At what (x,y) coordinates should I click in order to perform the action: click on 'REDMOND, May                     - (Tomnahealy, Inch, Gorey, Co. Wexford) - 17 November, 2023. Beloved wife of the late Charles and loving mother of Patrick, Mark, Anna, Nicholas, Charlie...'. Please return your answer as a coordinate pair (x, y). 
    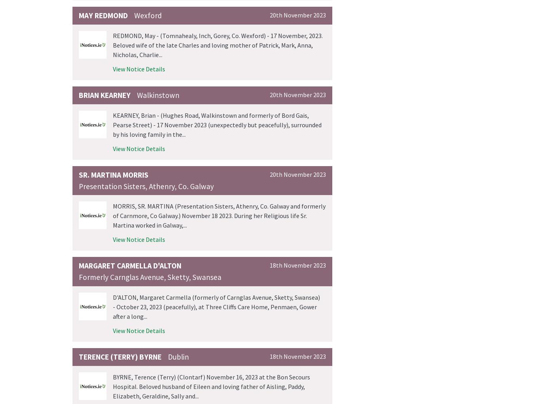
    Looking at the image, I should click on (217, 45).